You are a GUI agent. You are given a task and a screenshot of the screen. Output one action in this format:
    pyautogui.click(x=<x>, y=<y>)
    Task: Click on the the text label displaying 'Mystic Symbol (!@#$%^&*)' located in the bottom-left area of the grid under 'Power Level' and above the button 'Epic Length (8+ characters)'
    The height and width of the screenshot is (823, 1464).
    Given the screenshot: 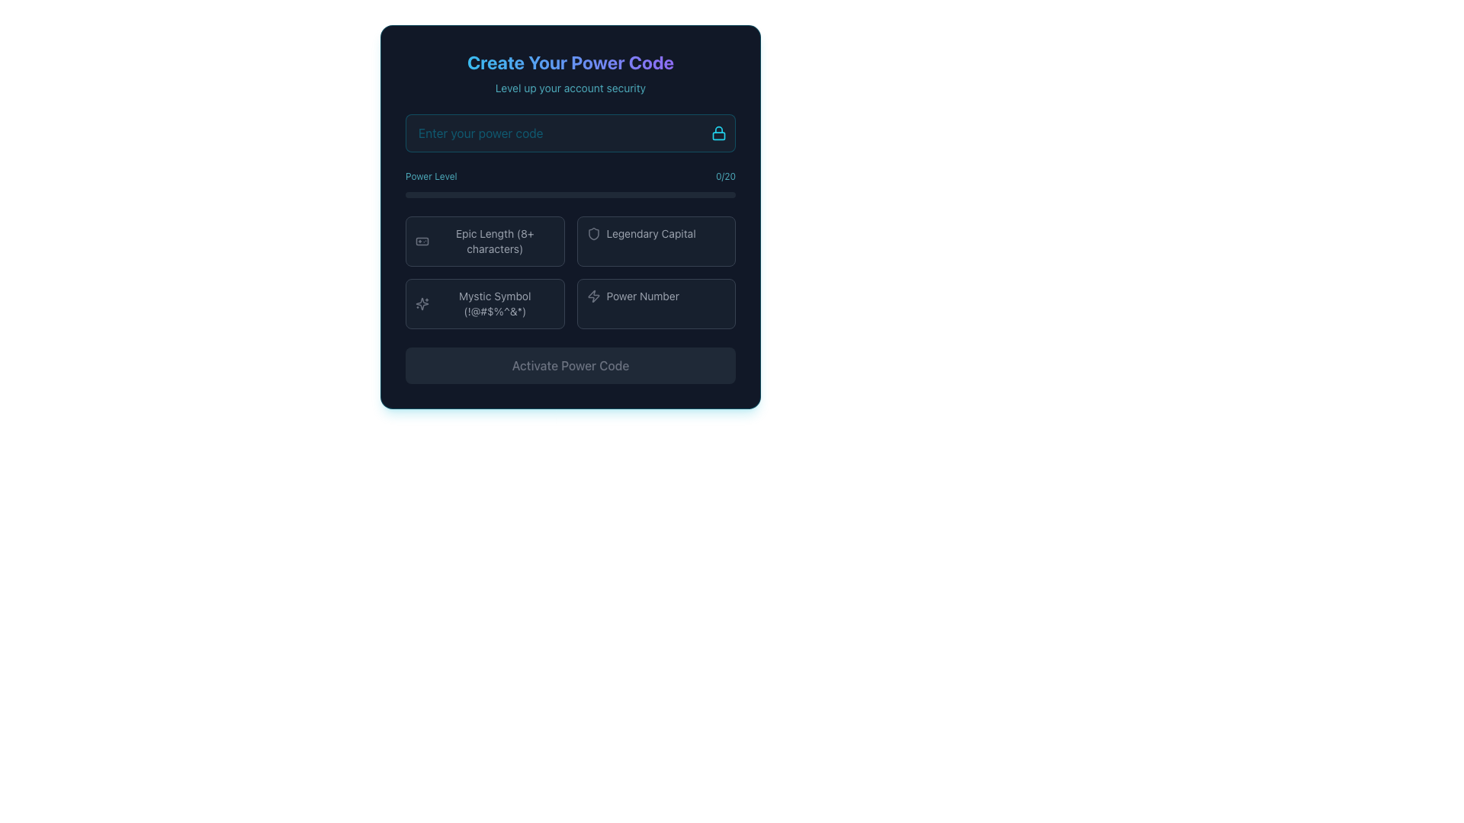 What is the action you would take?
    pyautogui.click(x=495, y=303)
    